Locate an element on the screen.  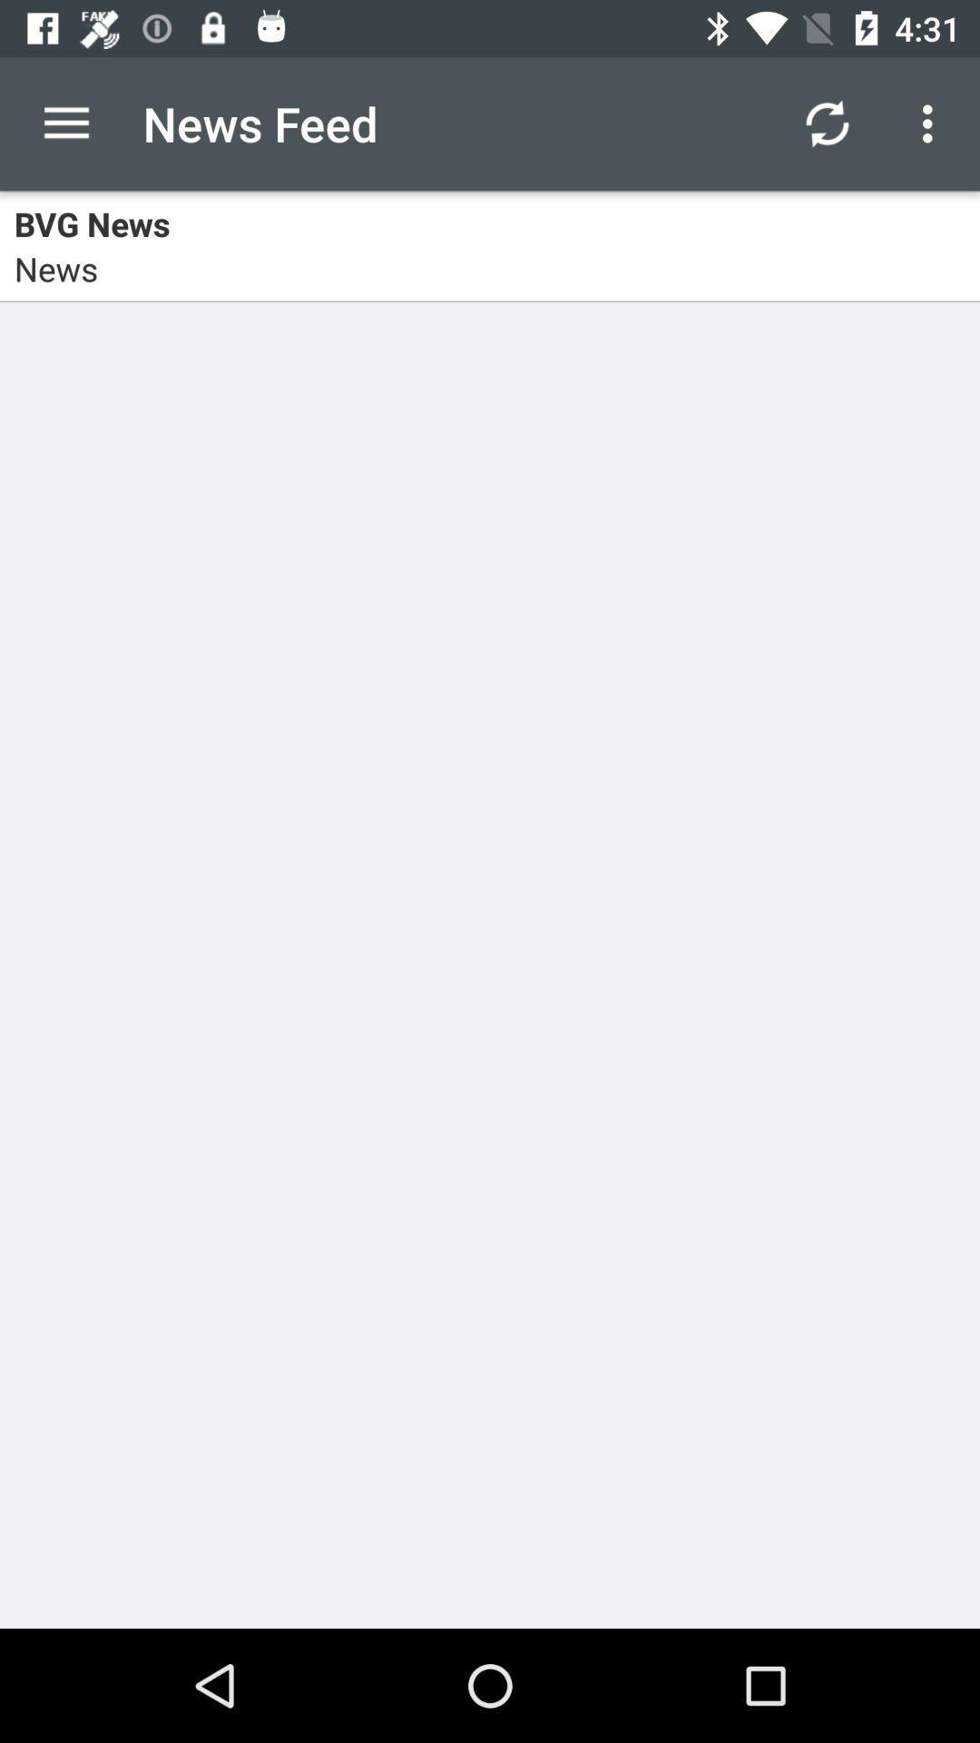
the app next to the news feed app is located at coordinates (827, 123).